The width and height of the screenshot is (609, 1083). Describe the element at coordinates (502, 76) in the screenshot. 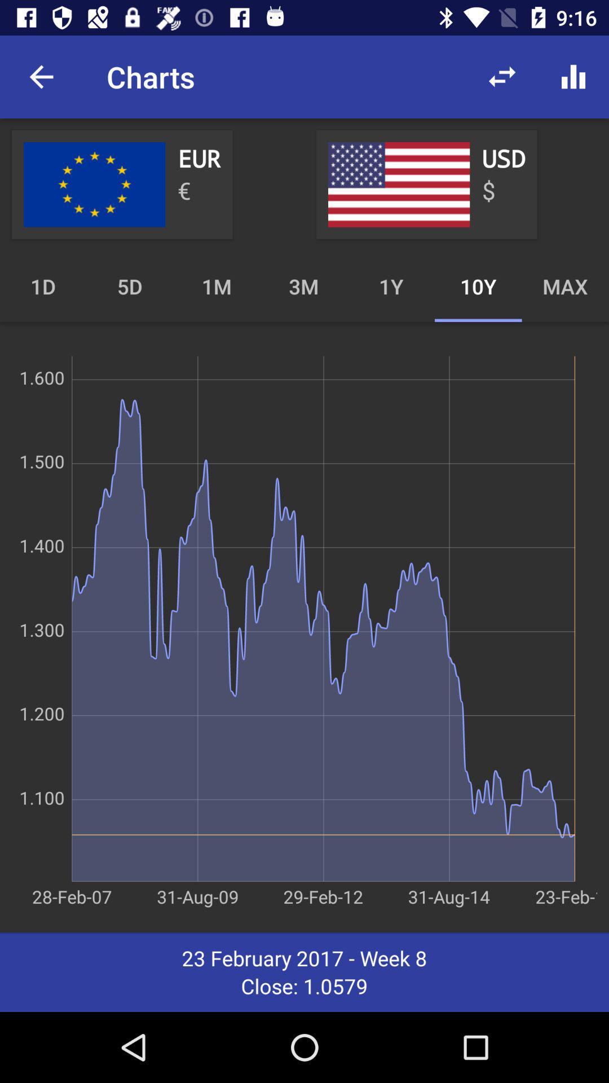

I see `the icon to the right of the charts` at that location.